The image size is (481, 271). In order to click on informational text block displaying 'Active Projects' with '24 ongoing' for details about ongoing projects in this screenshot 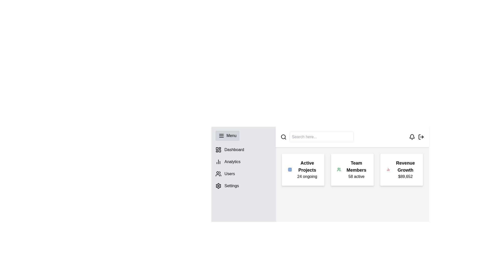, I will do `click(307, 169)`.